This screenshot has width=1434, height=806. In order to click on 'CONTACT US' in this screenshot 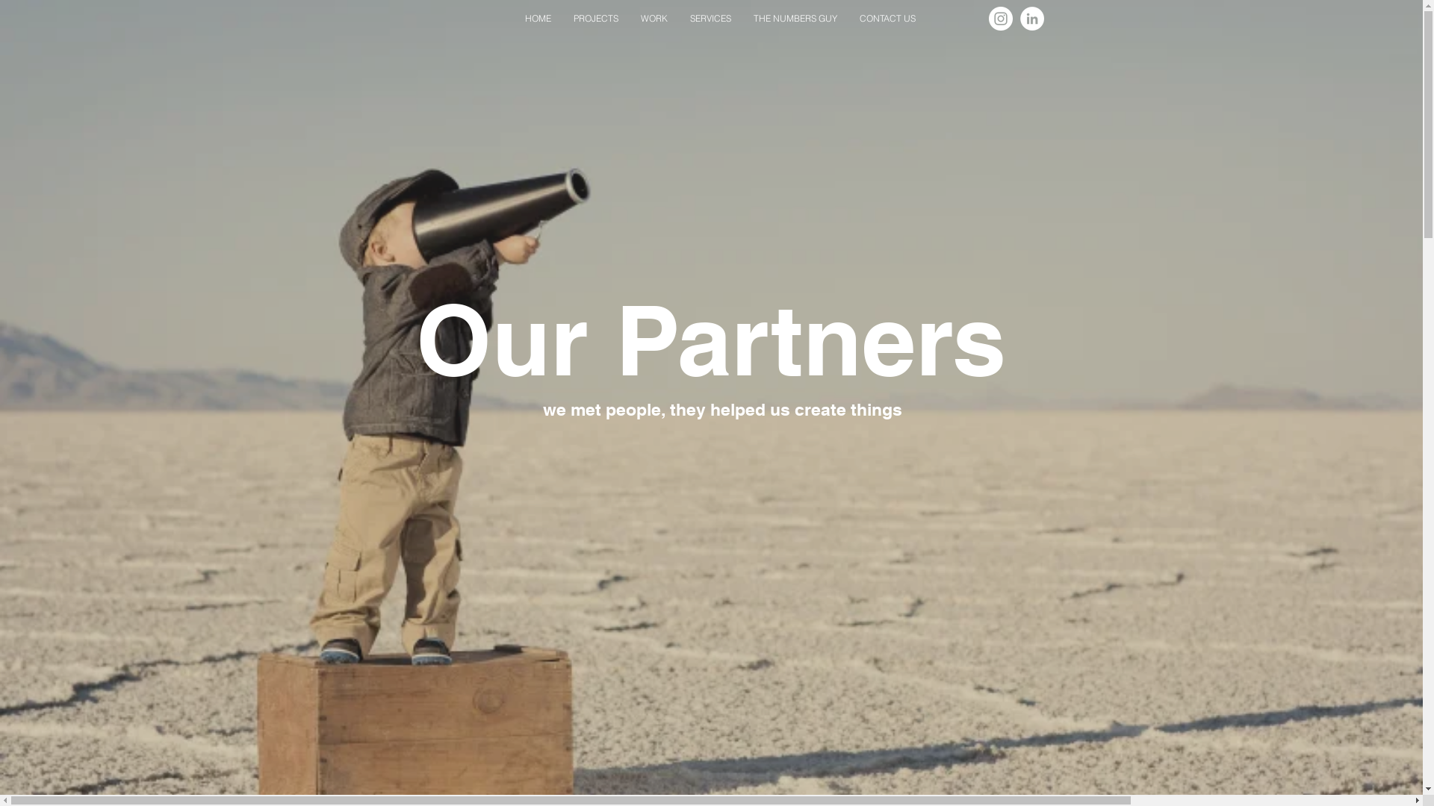, I will do `click(887, 18)`.